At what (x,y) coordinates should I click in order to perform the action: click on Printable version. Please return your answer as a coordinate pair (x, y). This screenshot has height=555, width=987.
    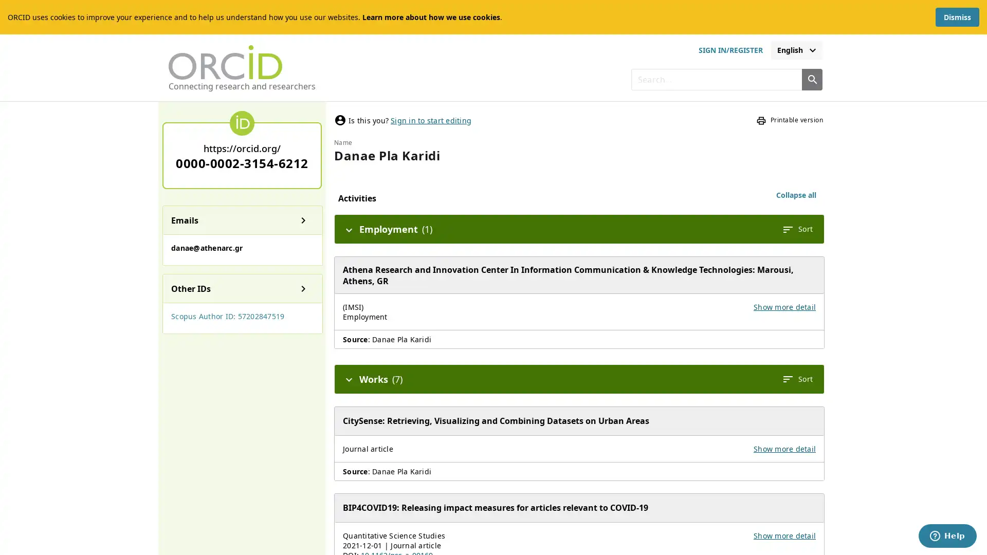
    Looking at the image, I should click on (789, 120).